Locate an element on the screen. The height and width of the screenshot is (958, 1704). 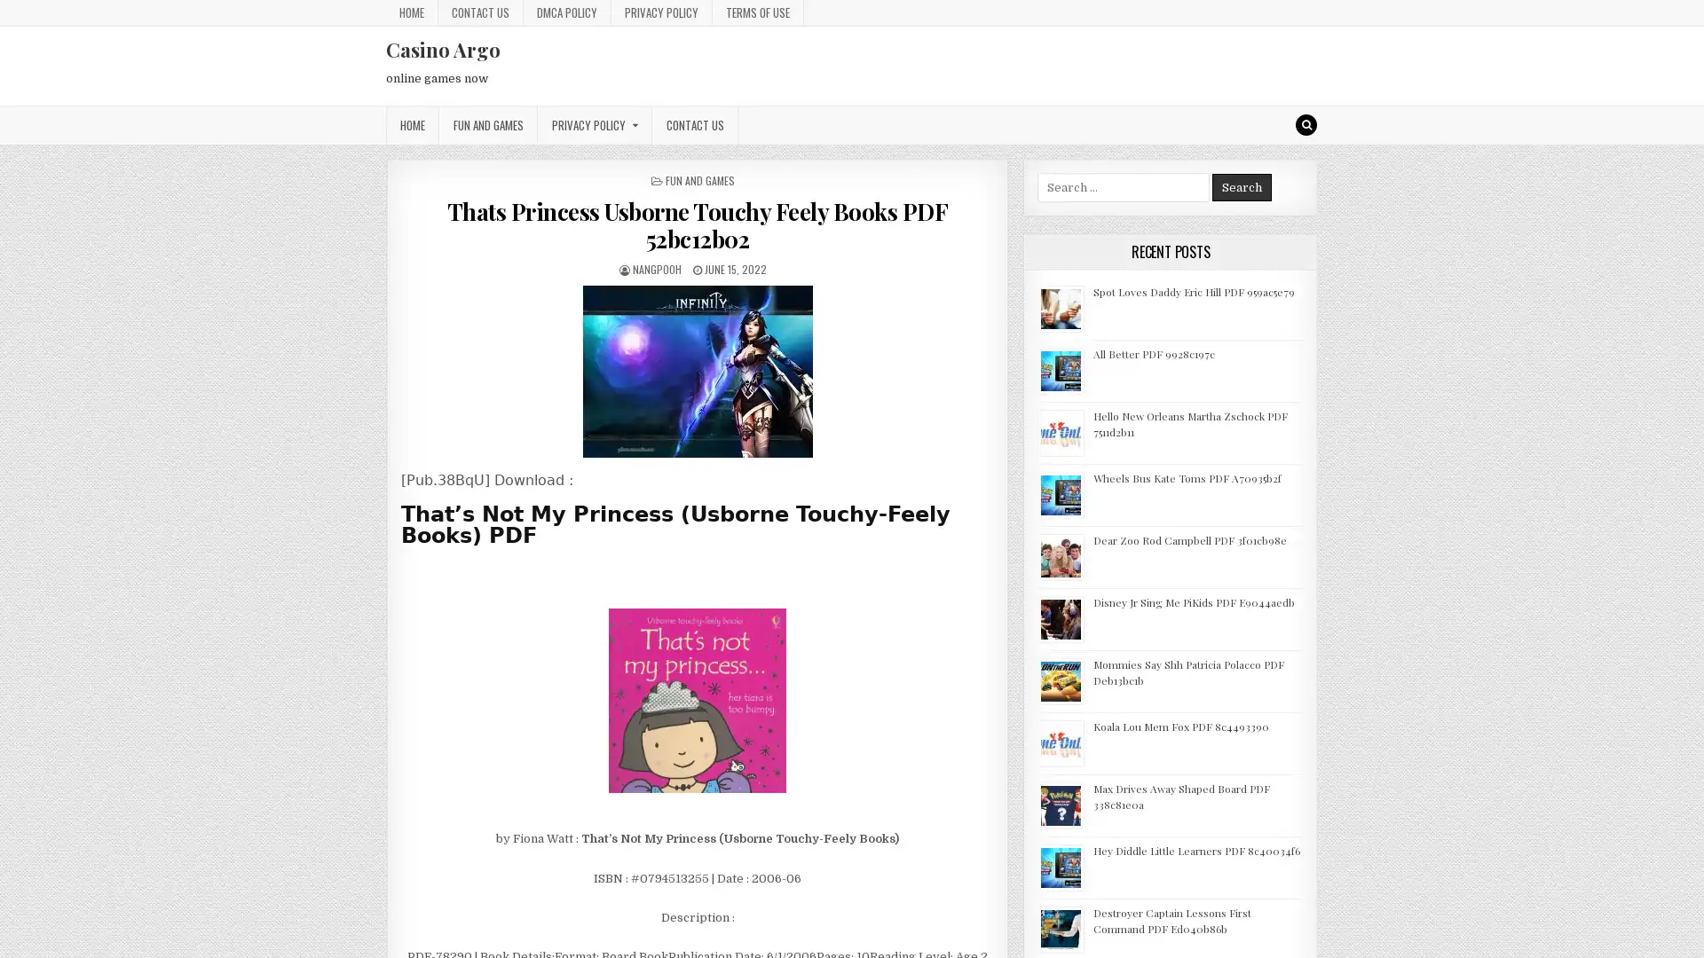
Search is located at coordinates (1241, 187).